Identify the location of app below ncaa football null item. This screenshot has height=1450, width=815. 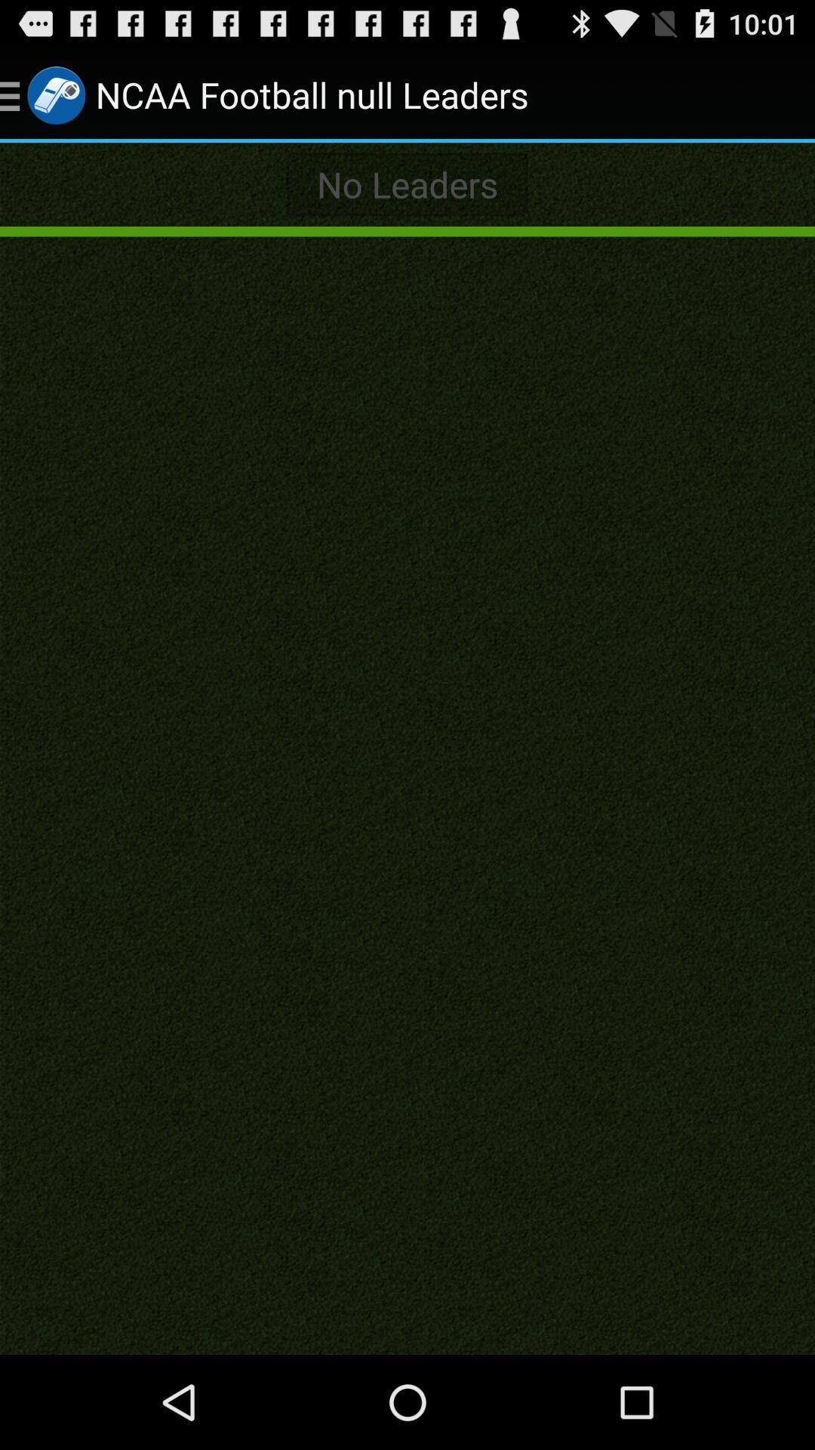
(407, 184).